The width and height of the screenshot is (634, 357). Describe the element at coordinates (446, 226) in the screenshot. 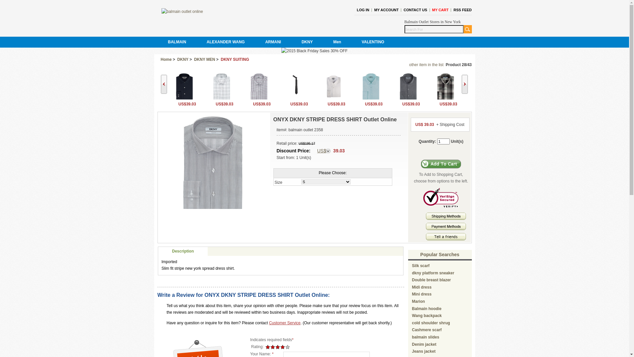

I see `' Payment Methods '` at that location.